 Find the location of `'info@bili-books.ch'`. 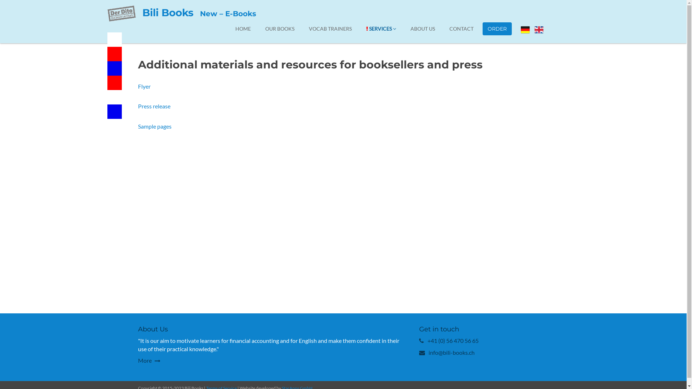

'info@bili-books.ch' is located at coordinates (451, 352).